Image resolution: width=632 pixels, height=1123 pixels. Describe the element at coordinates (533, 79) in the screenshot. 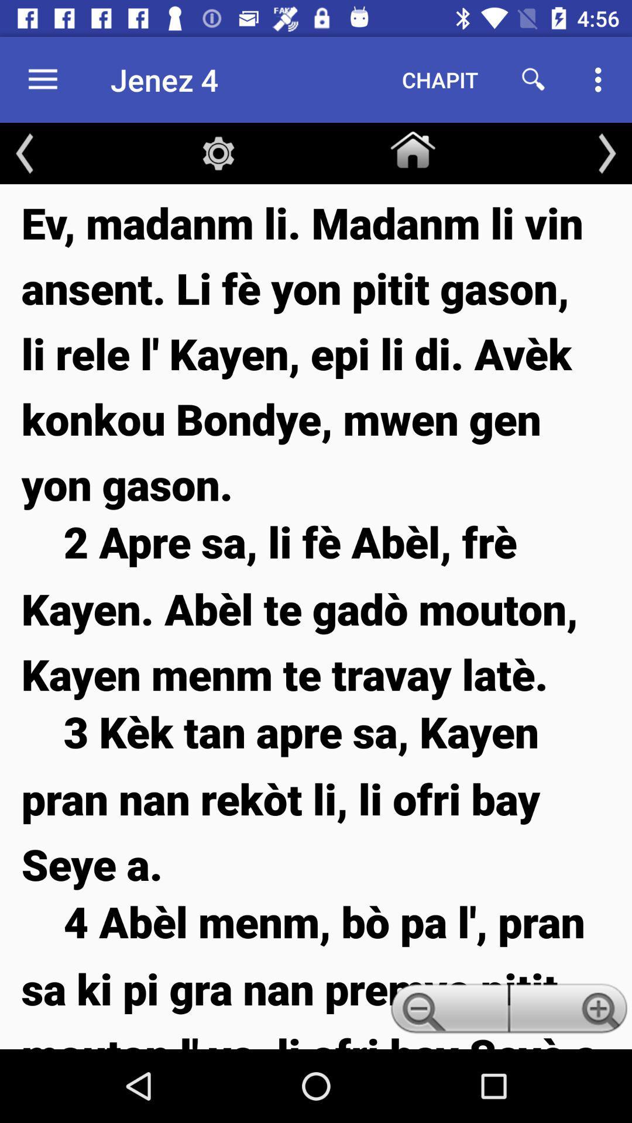

I see `icon to the right of the chapit item` at that location.